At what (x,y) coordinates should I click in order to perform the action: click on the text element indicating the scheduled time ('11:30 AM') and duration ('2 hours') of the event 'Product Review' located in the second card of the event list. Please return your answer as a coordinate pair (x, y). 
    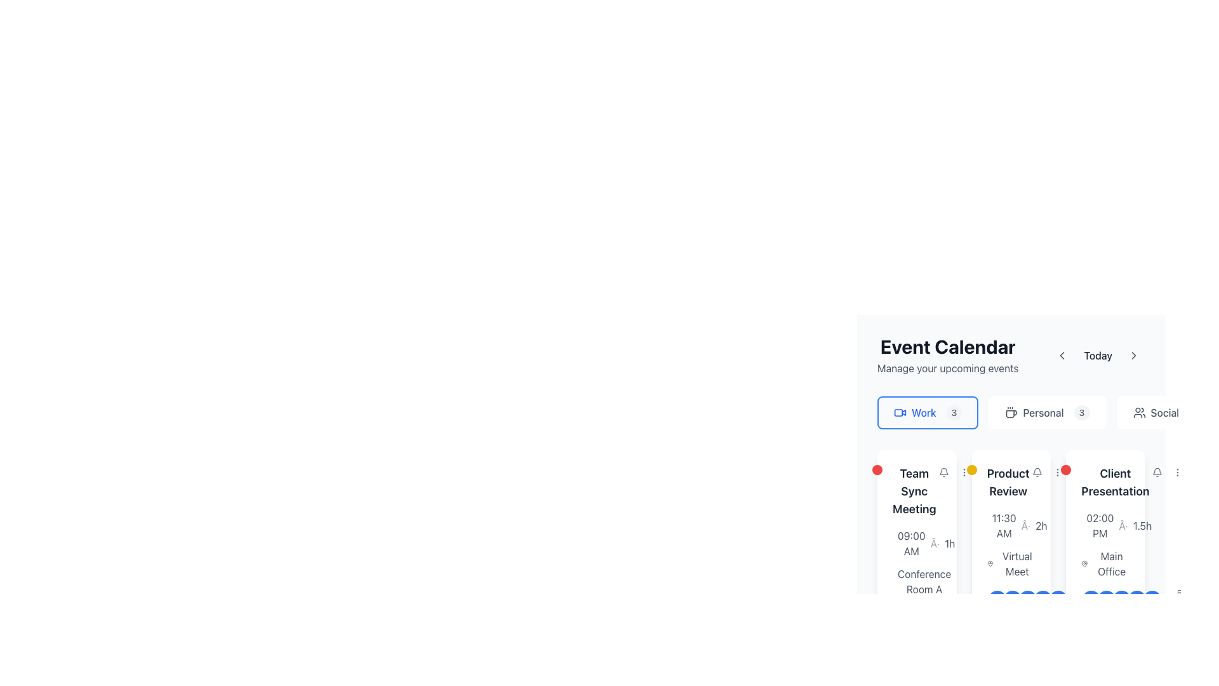
    Looking at the image, I should click on (1011, 526).